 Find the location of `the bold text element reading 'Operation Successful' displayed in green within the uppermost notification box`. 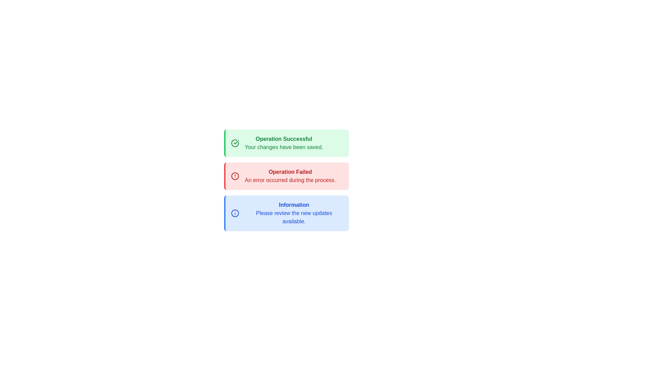

the bold text element reading 'Operation Successful' displayed in green within the uppermost notification box is located at coordinates (284, 139).